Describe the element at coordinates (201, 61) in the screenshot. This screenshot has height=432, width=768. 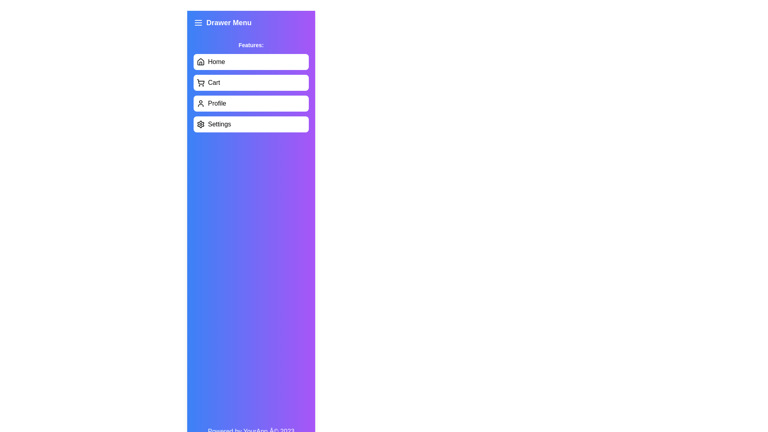
I see `the house-shaped SVG icon located within the 'Home' button at the top of the options list under the 'Features' heading` at that location.